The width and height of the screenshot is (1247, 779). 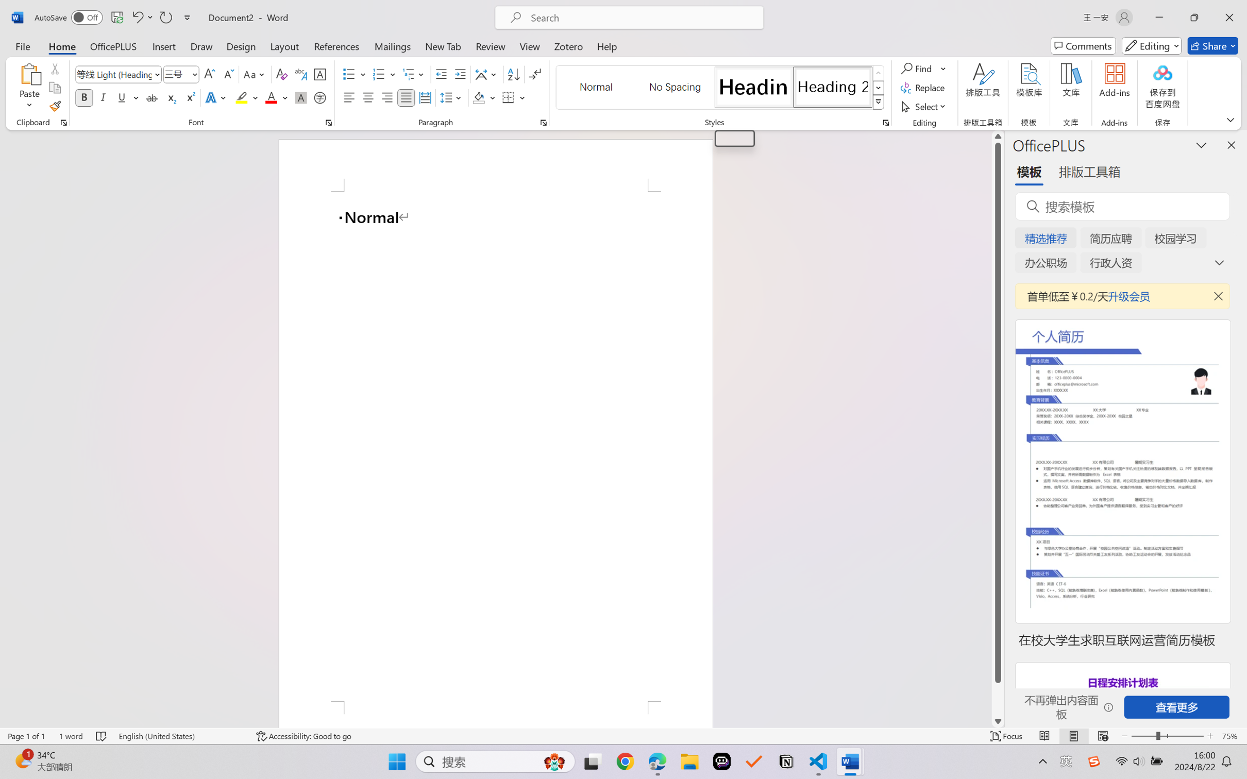 I want to click on 'AutomationID: DynamicSearchBoxGleamImage', so click(x=554, y=761).